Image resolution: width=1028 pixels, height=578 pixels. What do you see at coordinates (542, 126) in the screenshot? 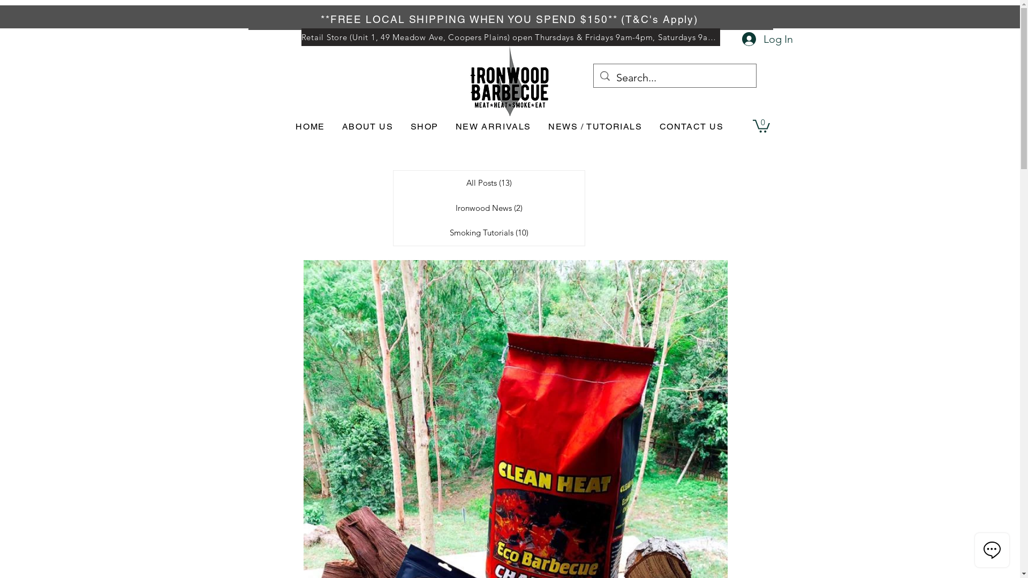
I see `'NEWS / TUTORIALS'` at bounding box center [542, 126].